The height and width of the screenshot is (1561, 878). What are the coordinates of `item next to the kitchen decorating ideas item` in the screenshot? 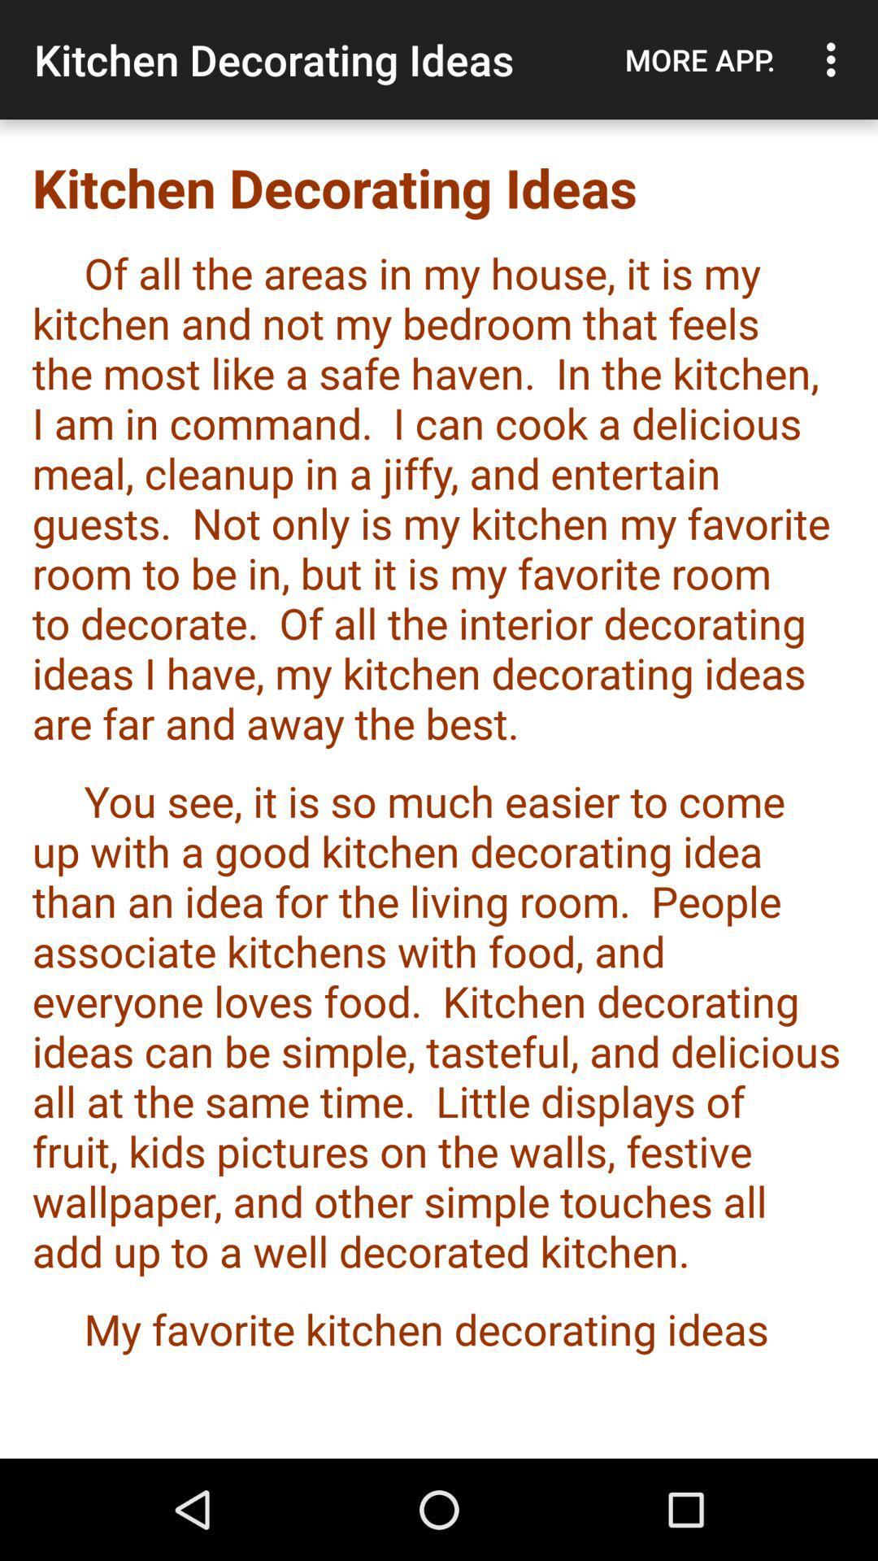 It's located at (699, 59).